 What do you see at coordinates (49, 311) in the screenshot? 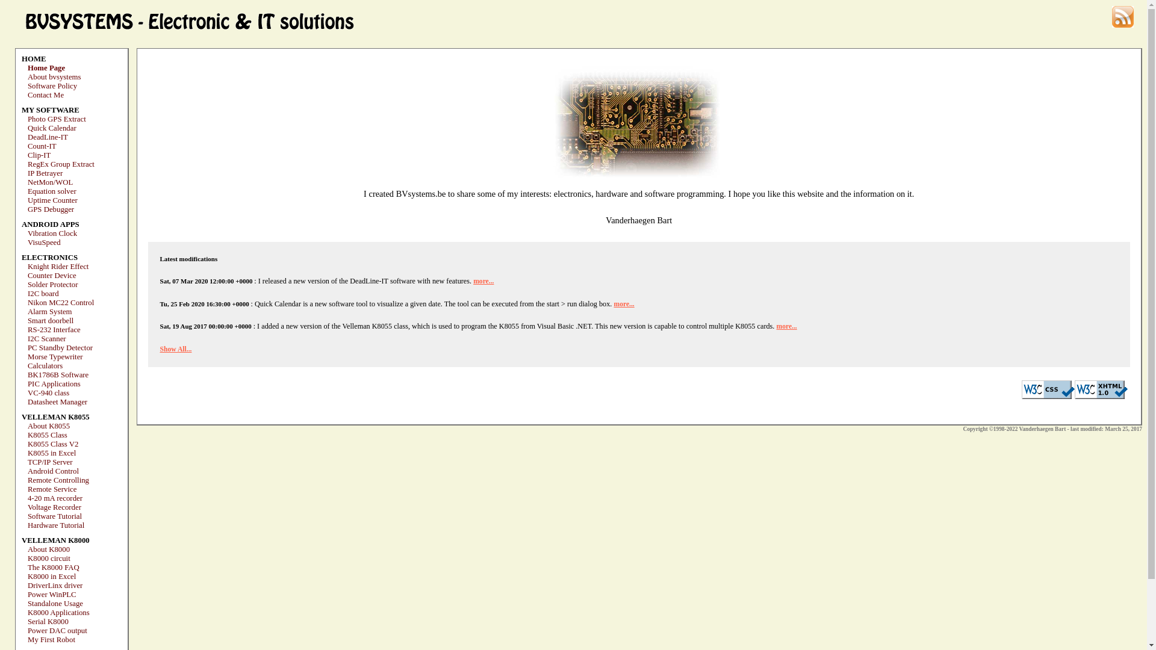
I see `'Alarm System'` at bounding box center [49, 311].